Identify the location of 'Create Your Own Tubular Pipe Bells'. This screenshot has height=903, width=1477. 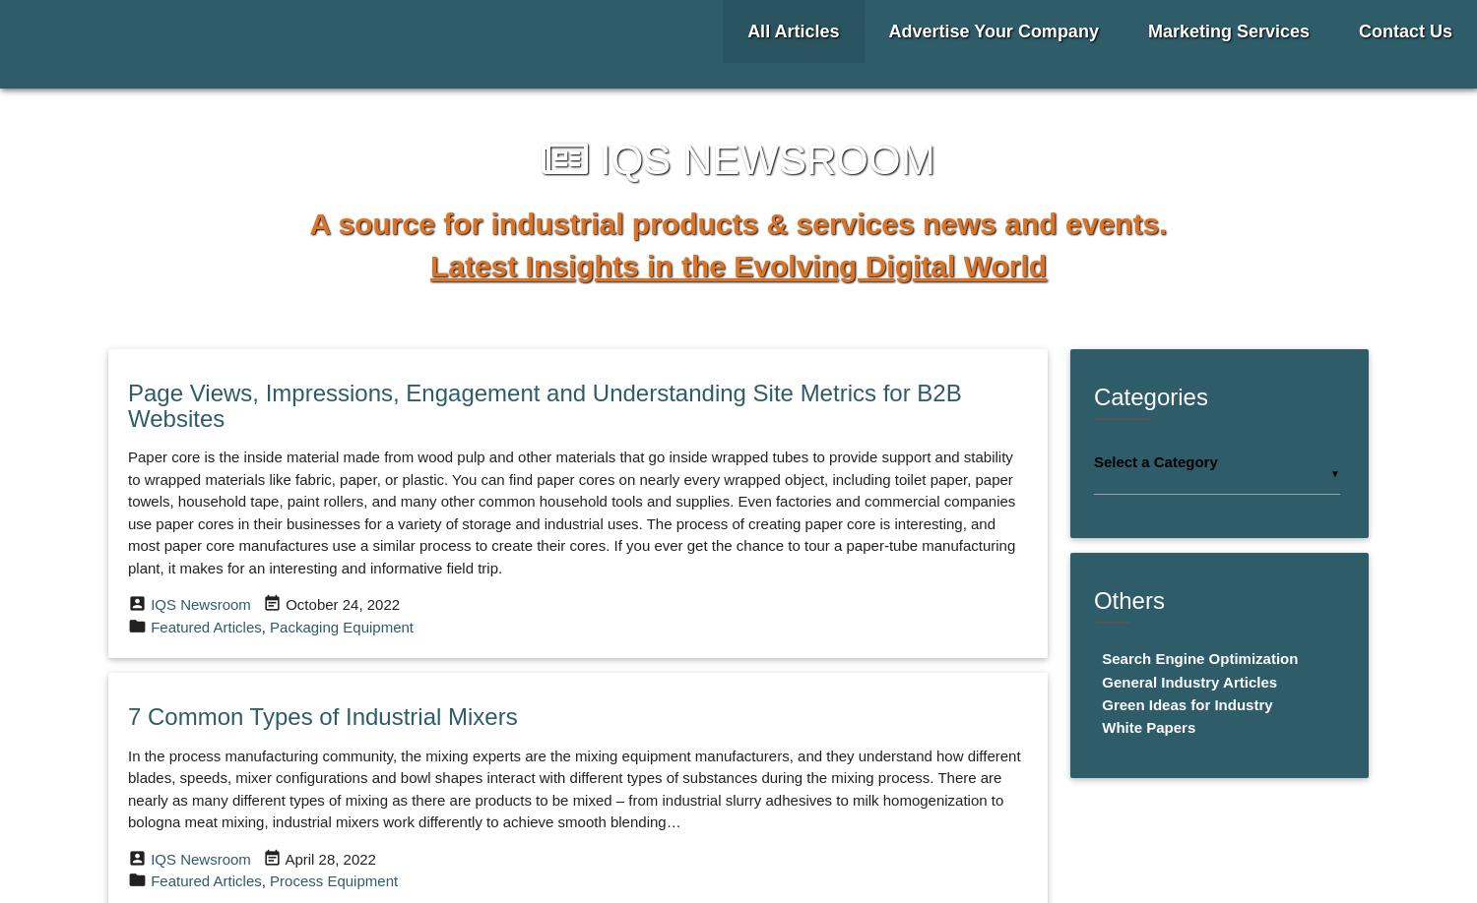
(315, 374).